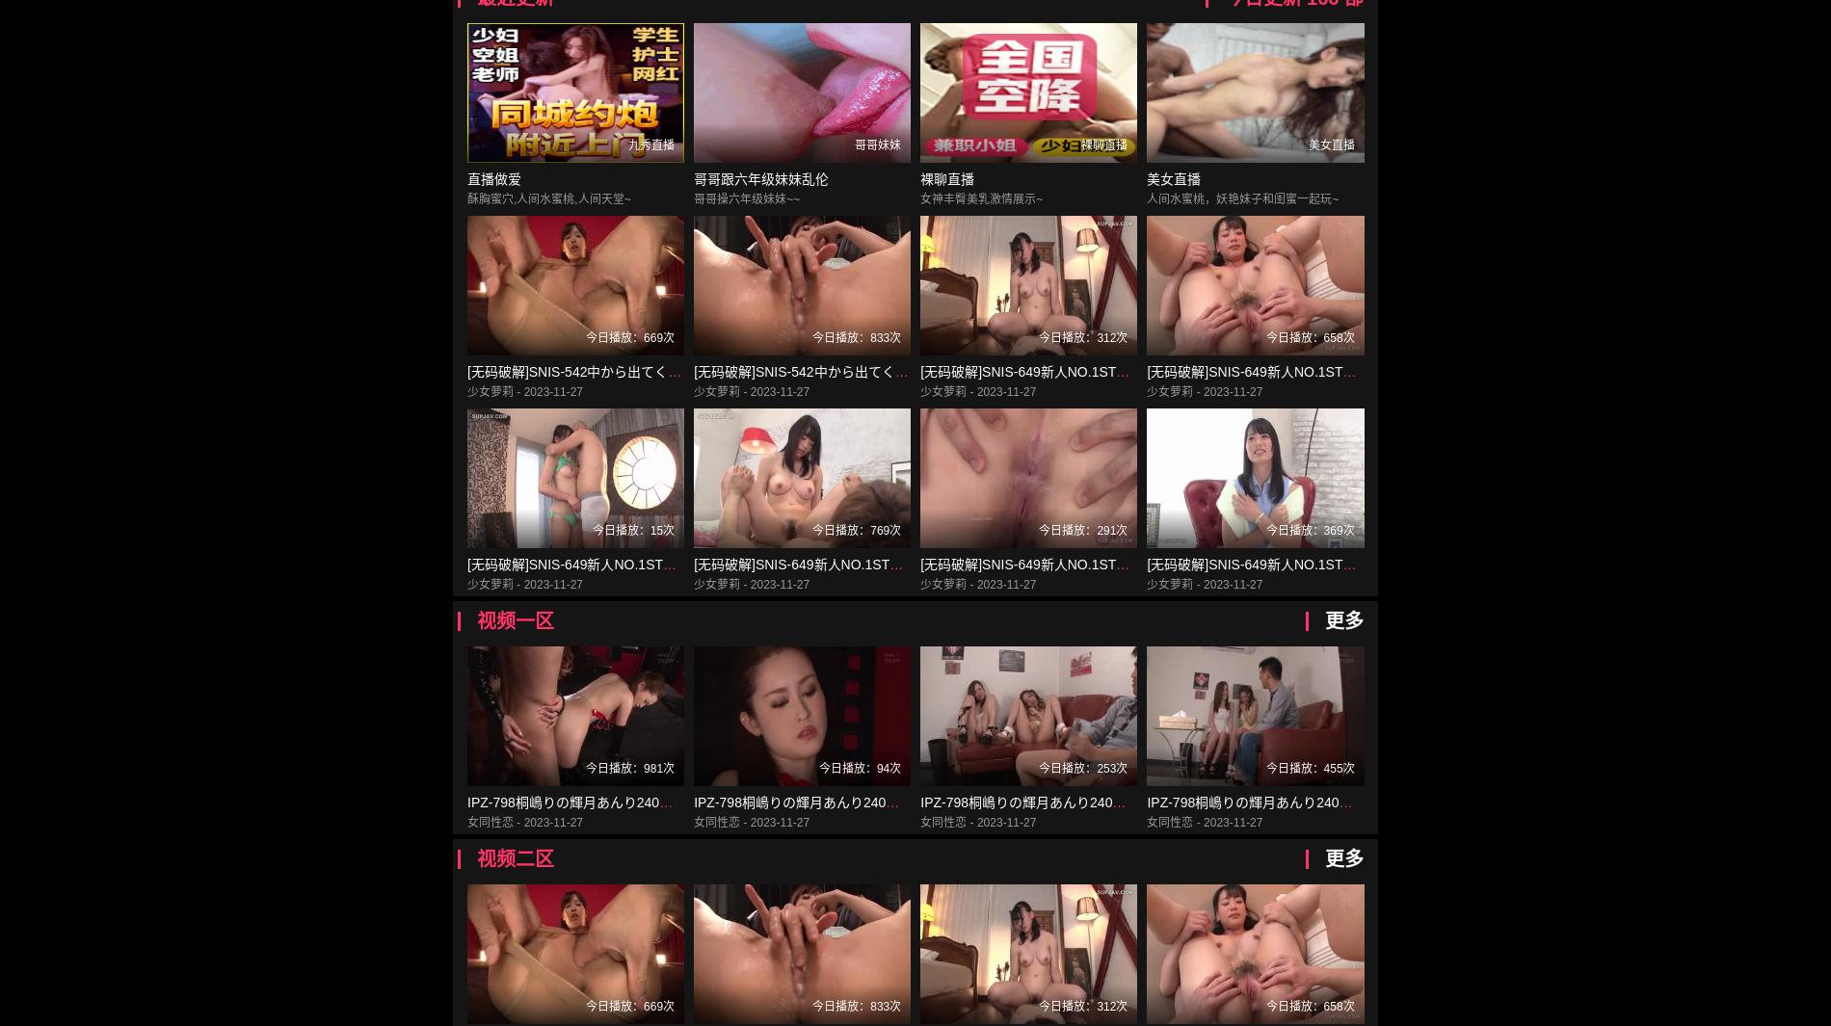 This screenshot has height=1026, width=1831. What do you see at coordinates (1264, 531) in the screenshot?
I see `'今日播放：369次'` at bounding box center [1264, 531].